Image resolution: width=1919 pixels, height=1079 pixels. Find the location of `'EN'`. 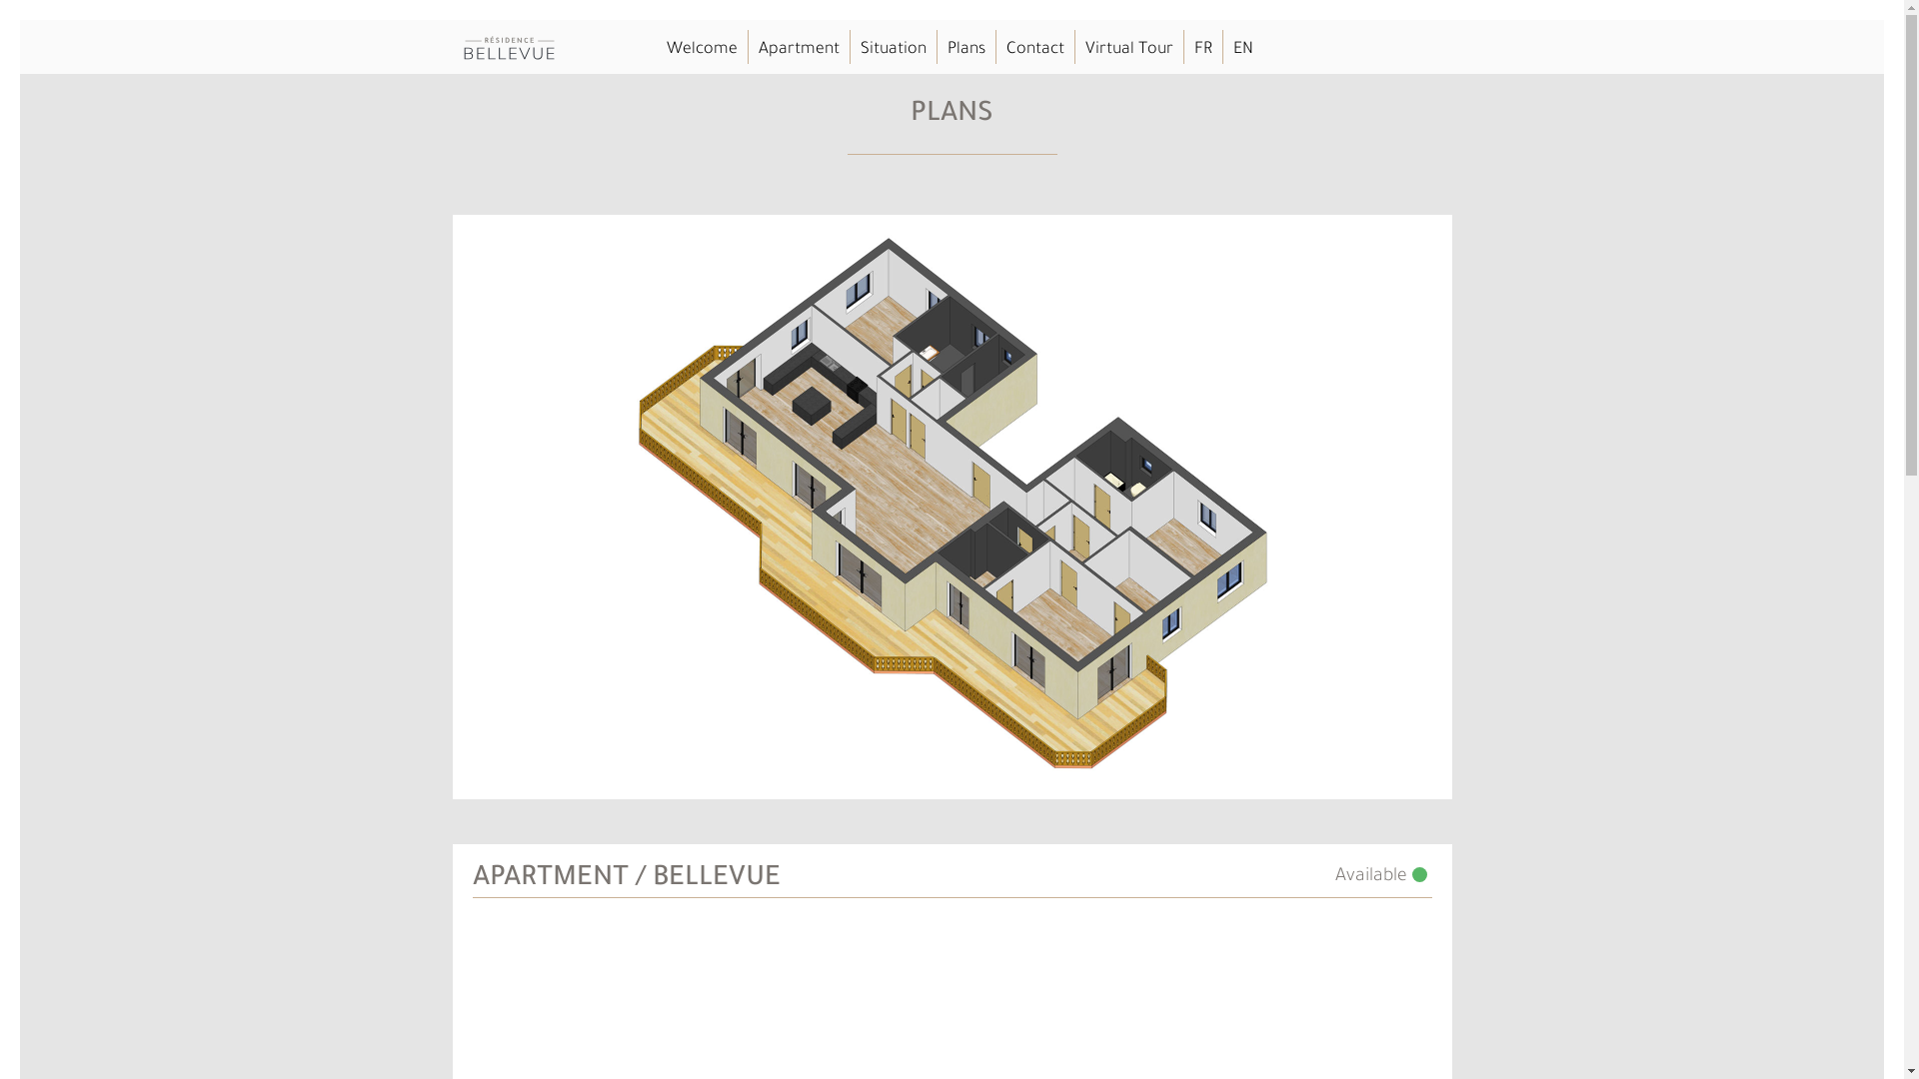

'EN' is located at coordinates (1231, 49).